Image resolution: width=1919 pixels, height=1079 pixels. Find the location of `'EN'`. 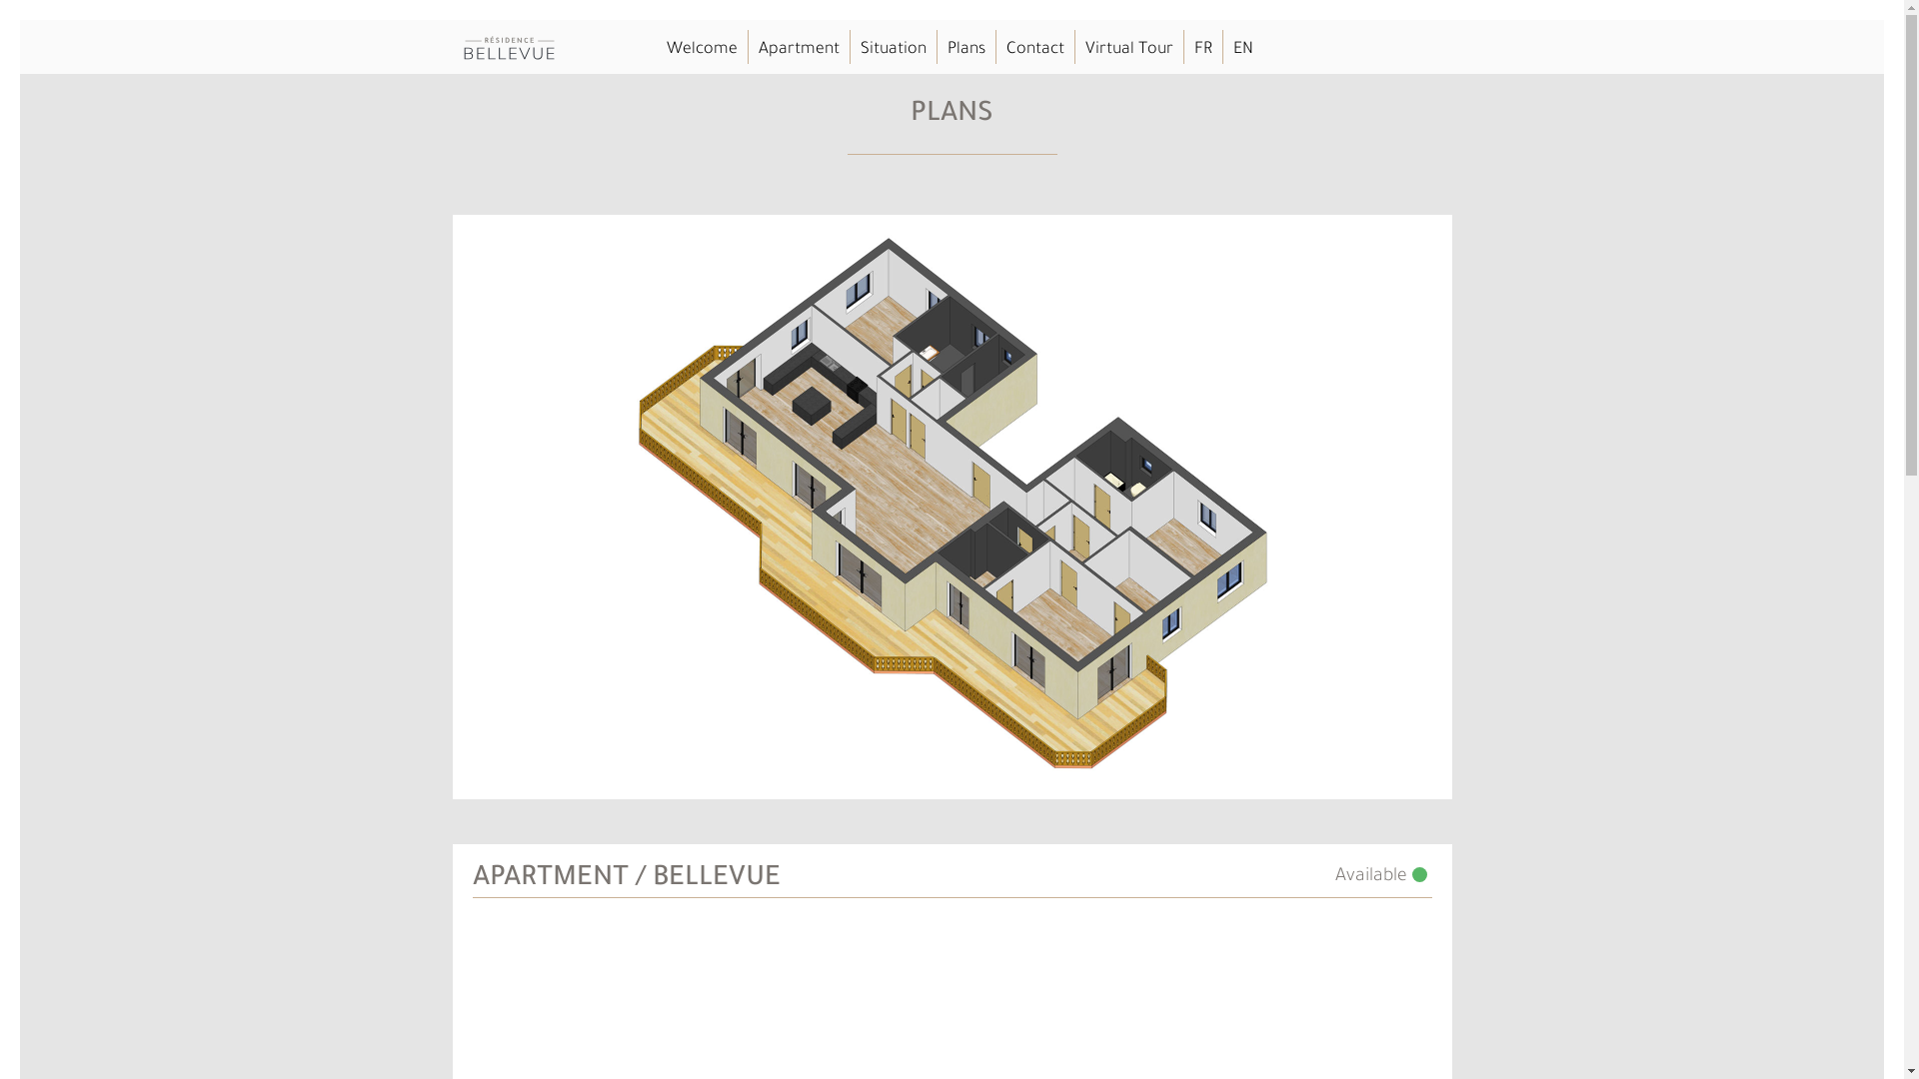

'EN' is located at coordinates (1231, 49).